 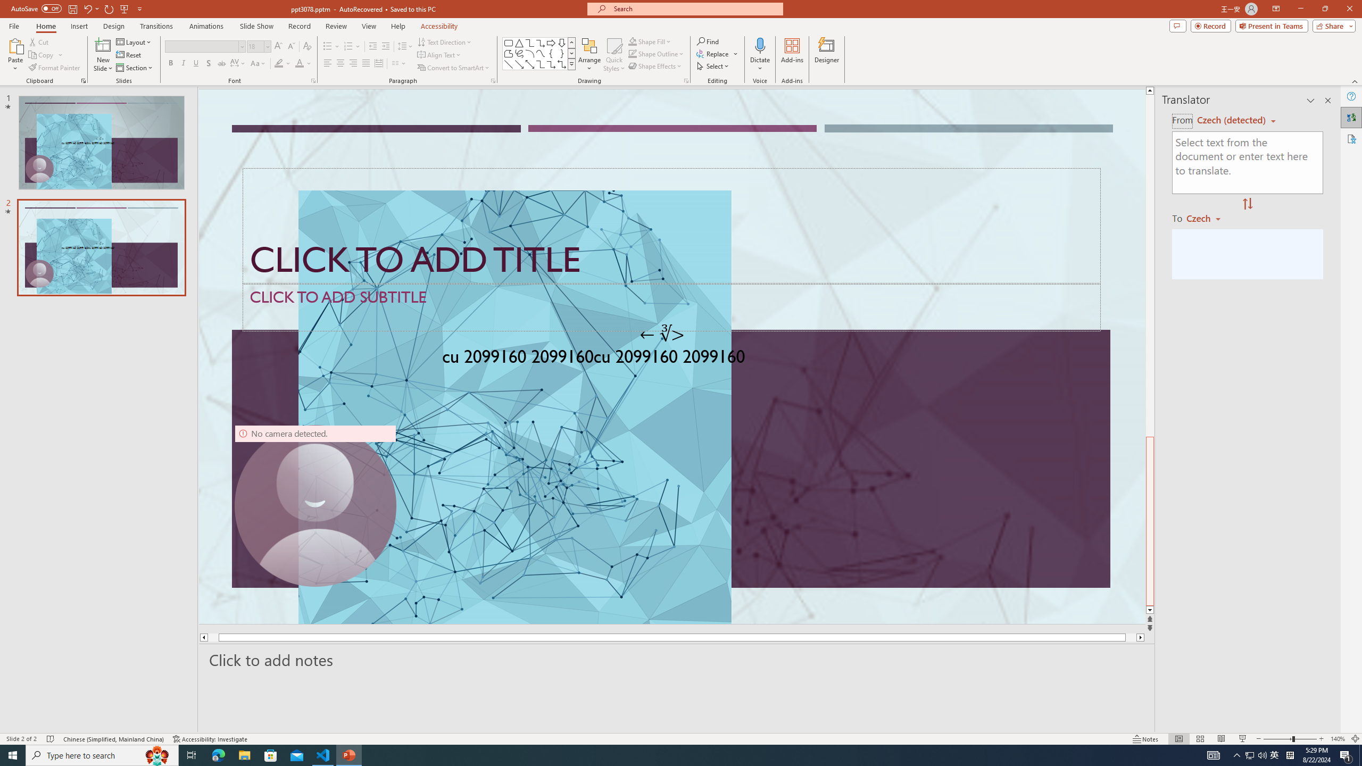 I want to click on 'Czech (detected)', so click(x=1232, y=120).